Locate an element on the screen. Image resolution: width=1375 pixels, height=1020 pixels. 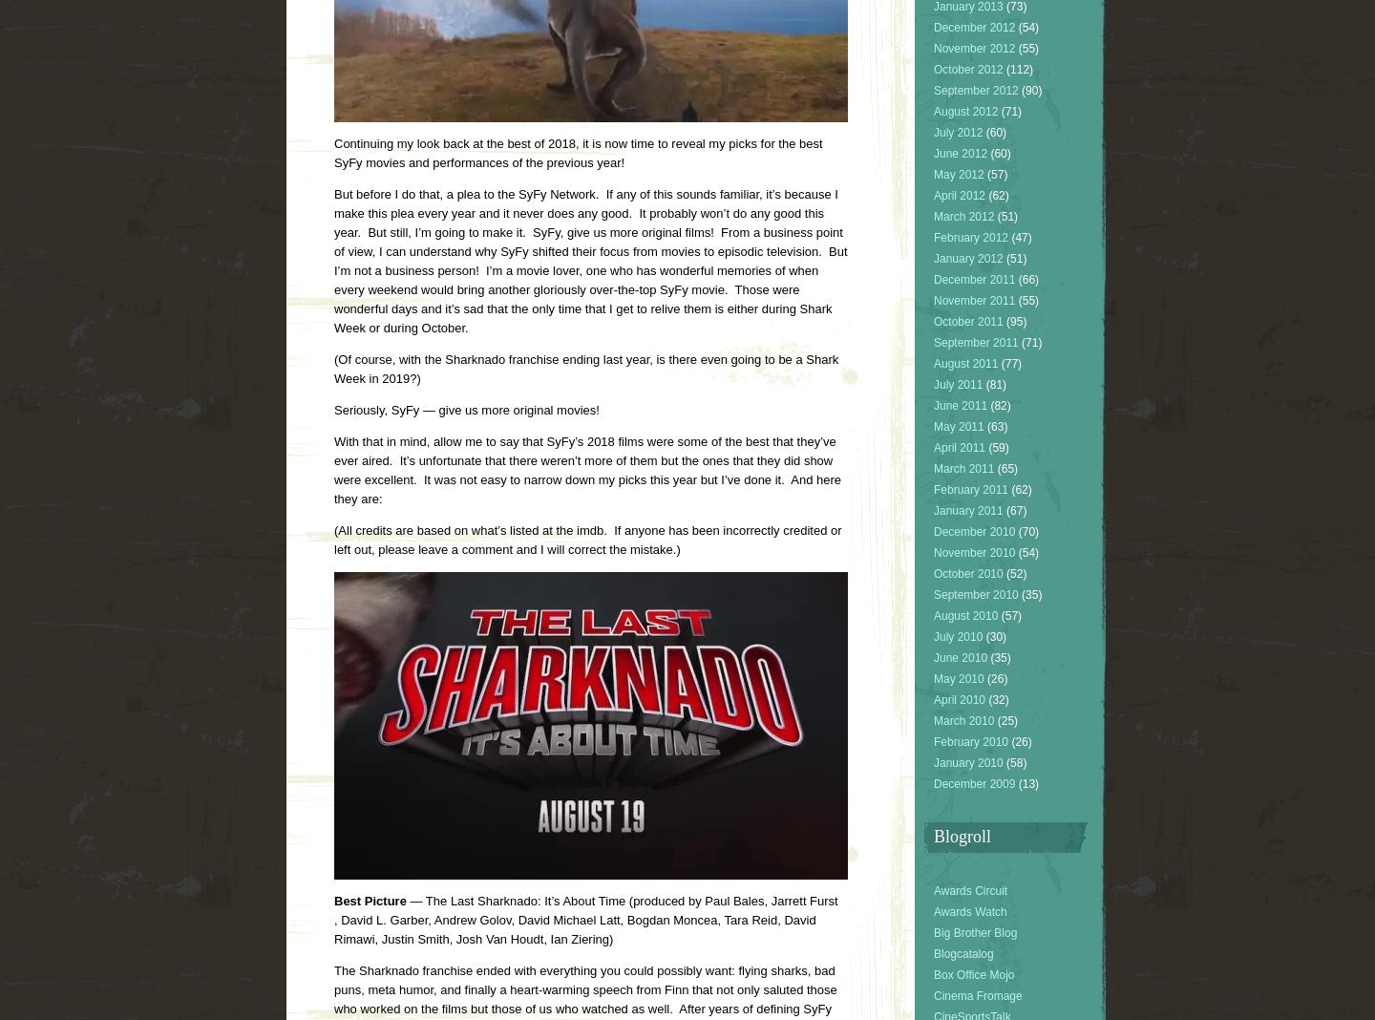
'July 2011' is located at coordinates (957, 384).